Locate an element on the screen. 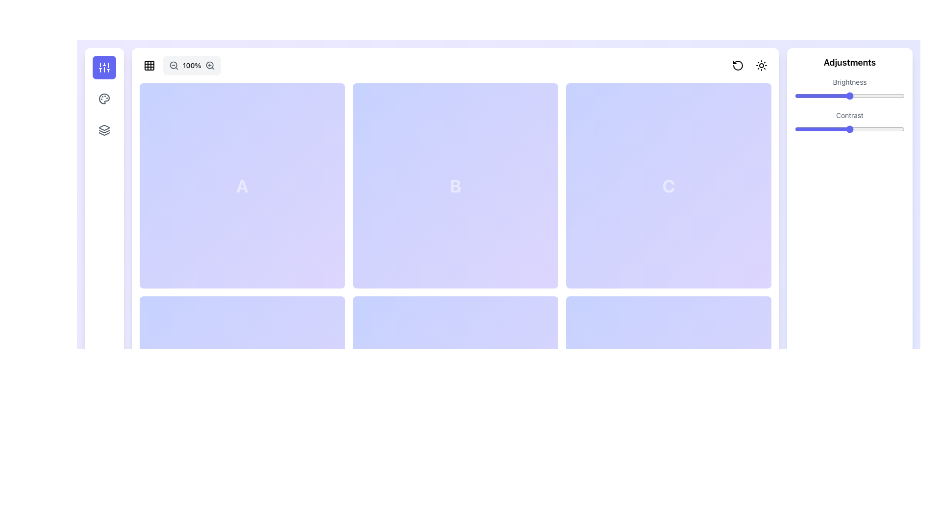 Image resolution: width=941 pixels, height=529 pixels. contrast is located at coordinates (893, 128).